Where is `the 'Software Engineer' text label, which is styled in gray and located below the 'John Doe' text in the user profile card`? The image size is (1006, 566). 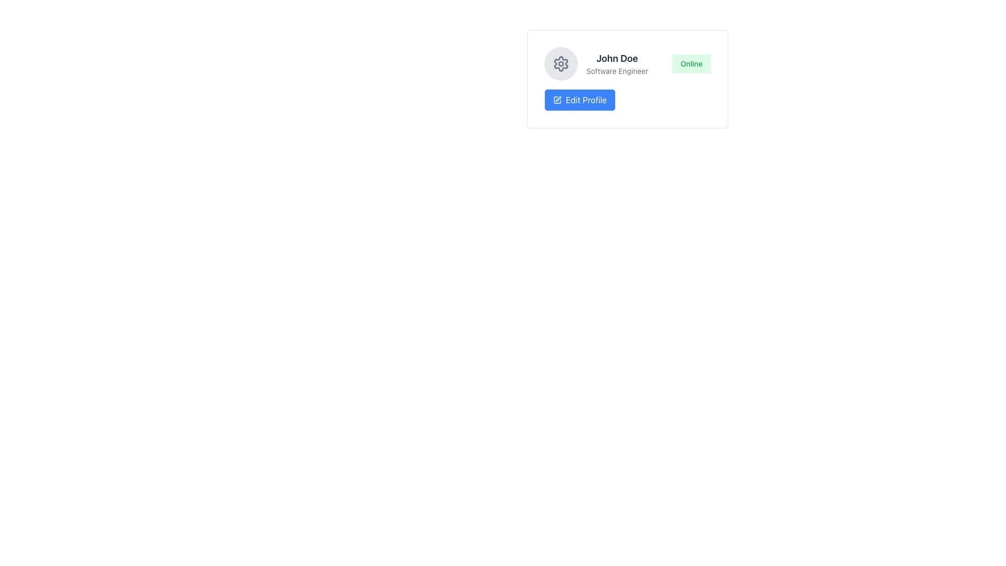 the 'Software Engineer' text label, which is styled in gray and located below the 'John Doe' text in the user profile card is located at coordinates (617, 71).